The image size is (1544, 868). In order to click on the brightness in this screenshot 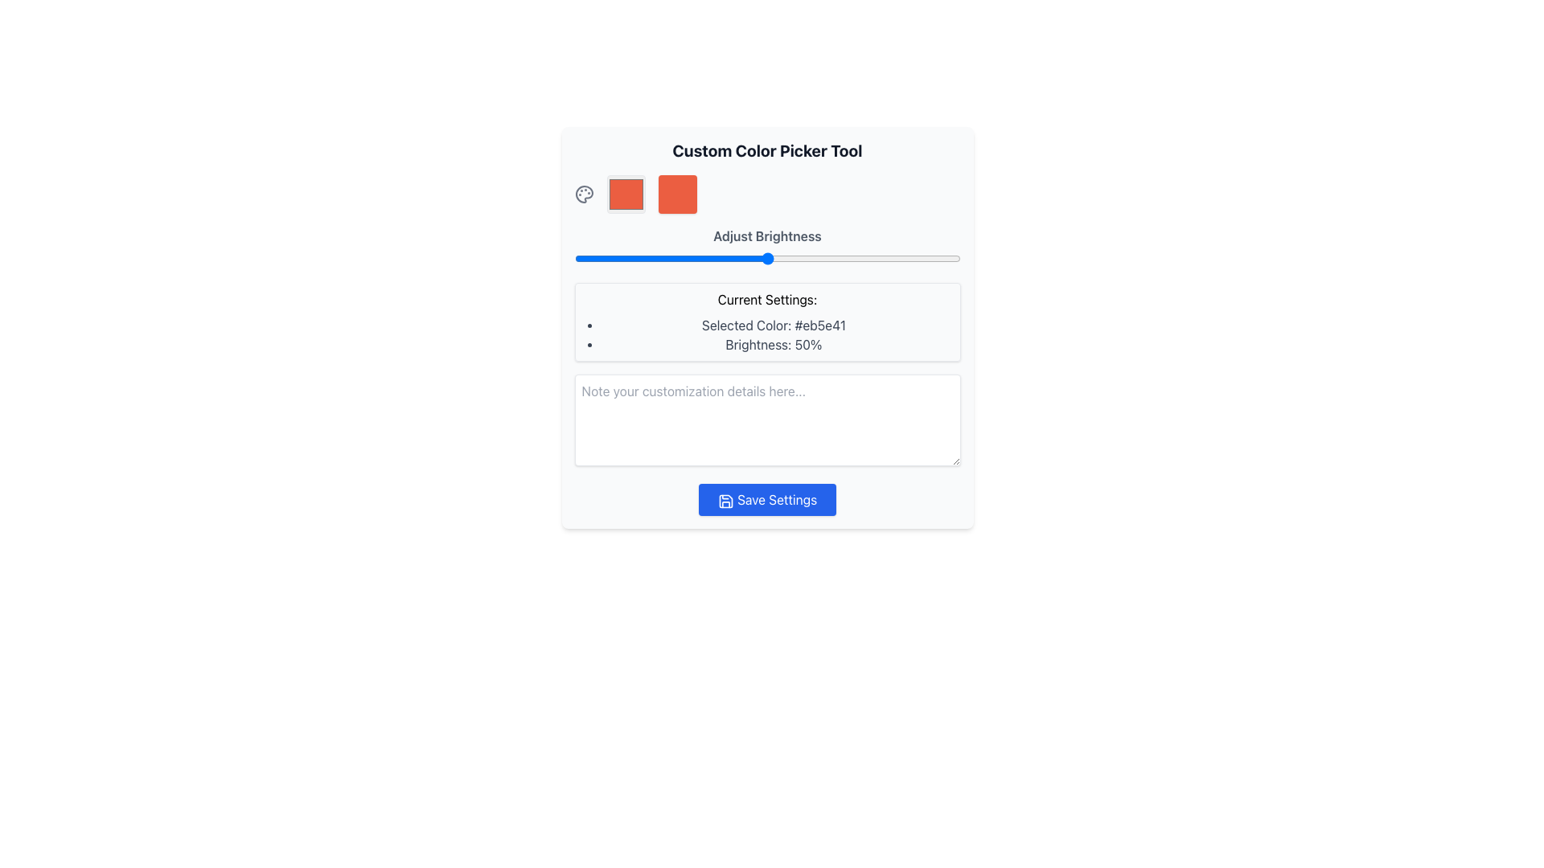, I will do `click(635, 257)`.